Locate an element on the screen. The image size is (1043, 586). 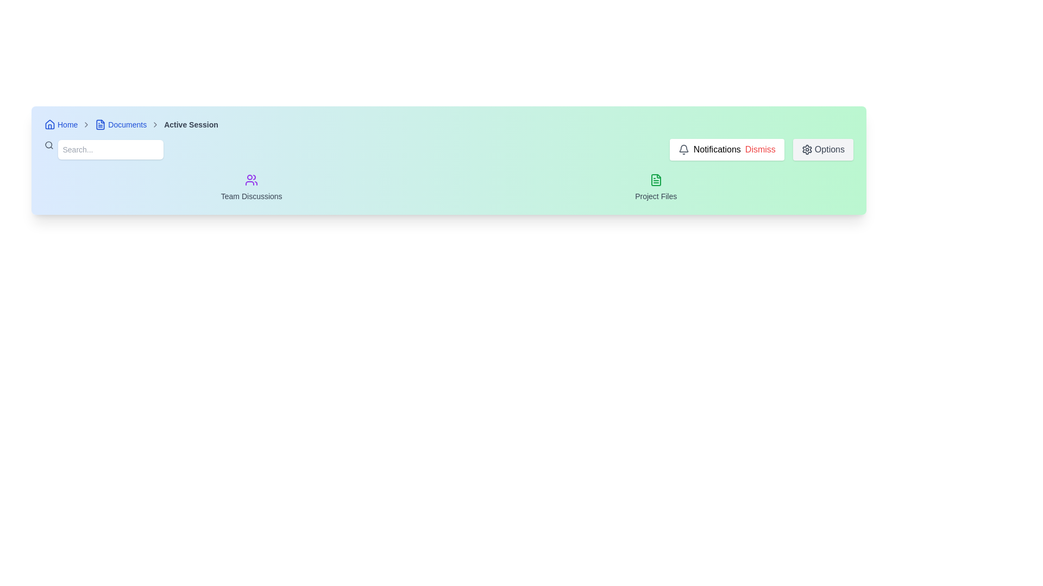
the green document file icon located in the header bar, positioned between the 'Notifications' and 'Options' sections is located at coordinates (655, 179).